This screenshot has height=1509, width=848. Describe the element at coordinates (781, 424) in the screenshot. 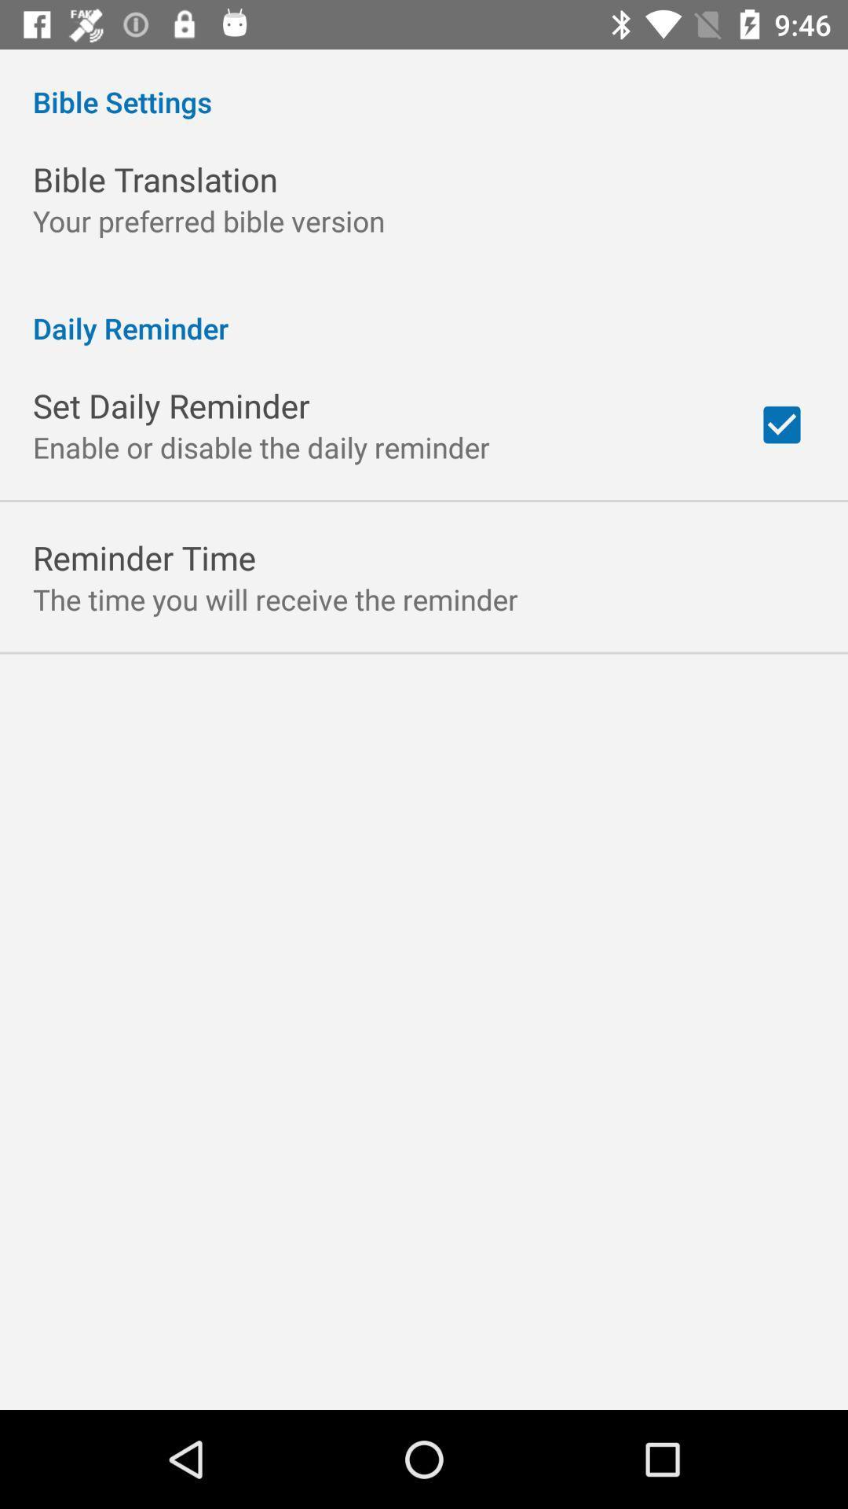

I see `item below daily reminder item` at that location.